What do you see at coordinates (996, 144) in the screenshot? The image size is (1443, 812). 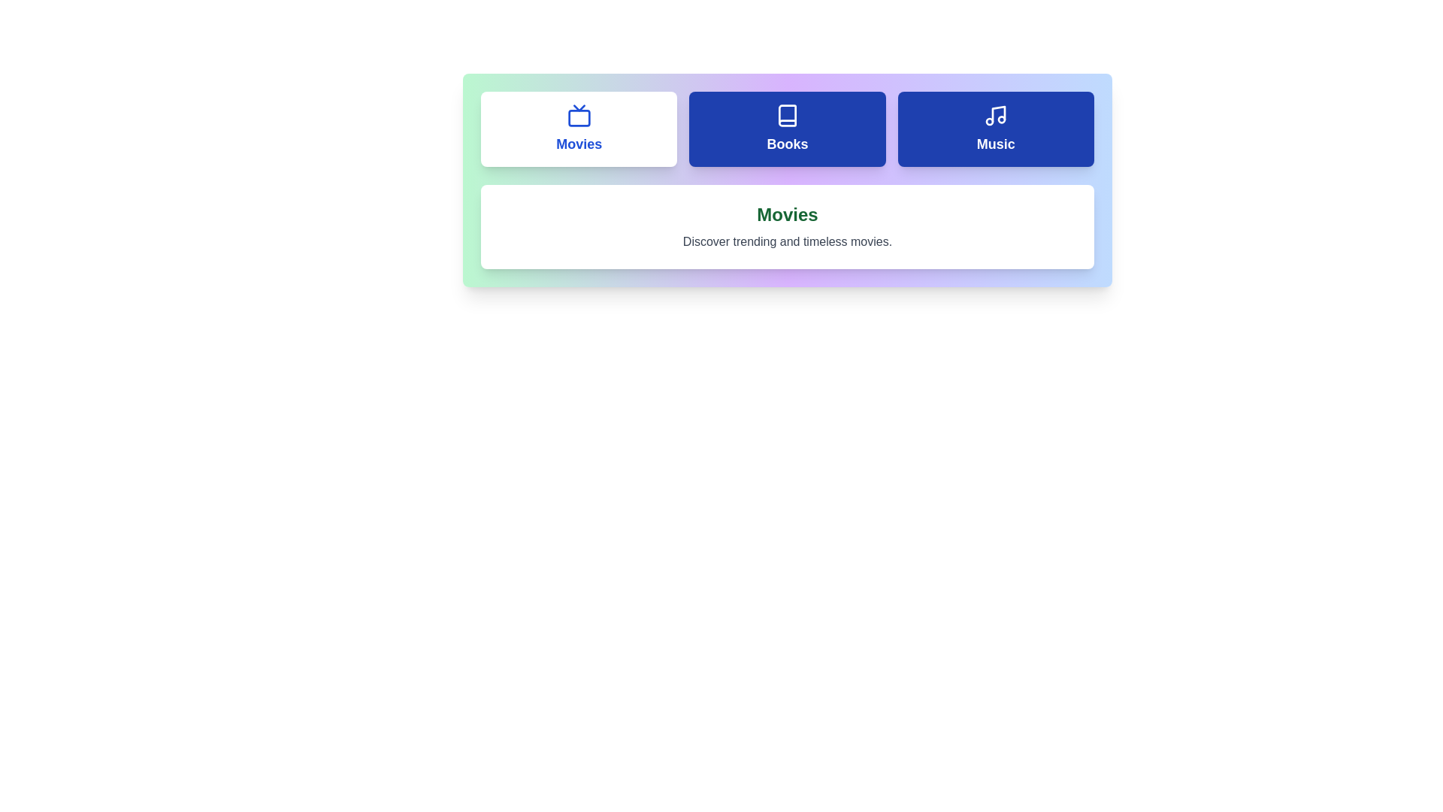 I see `the 'Music' text label, which is styled in bold white font on a solid blue background beneath a musical note icon` at bounding box center [996, 144].